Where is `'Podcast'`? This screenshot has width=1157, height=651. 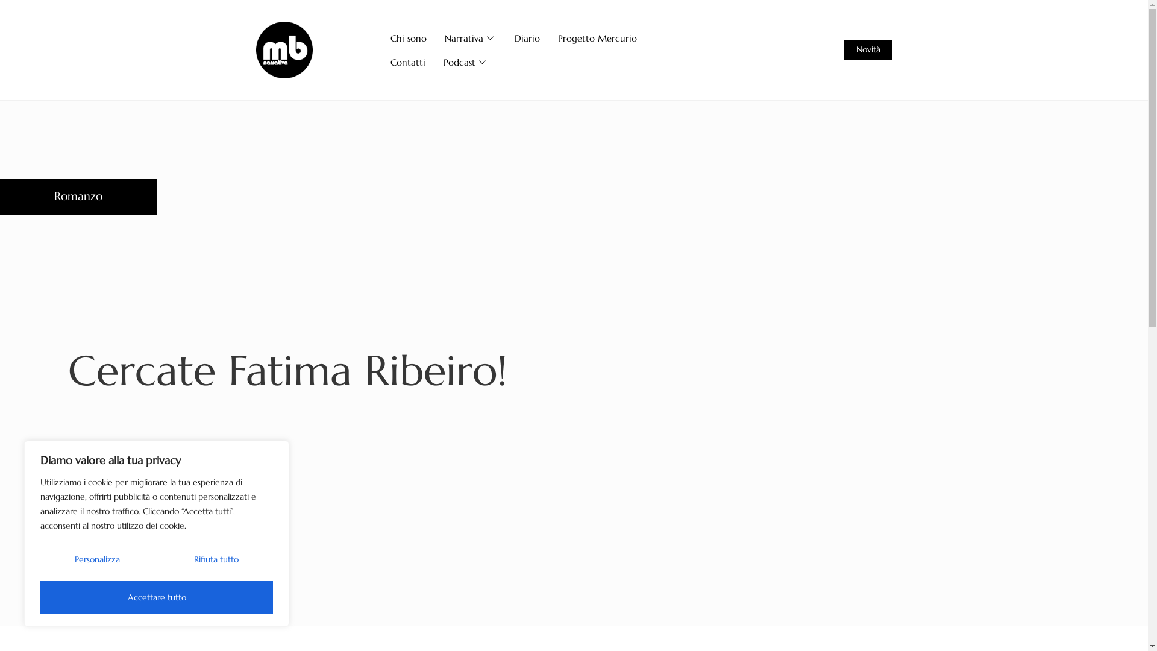 'Podcast' is located at coordinates (434, 62).